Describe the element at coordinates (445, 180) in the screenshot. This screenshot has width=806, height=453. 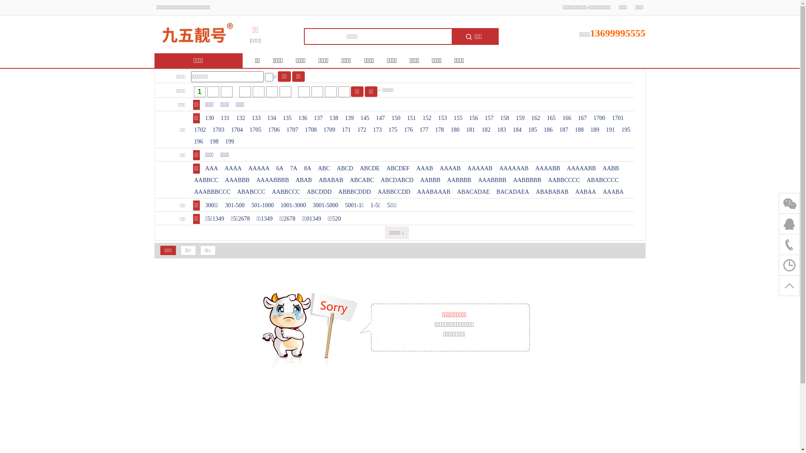
I see `'AABBBB'` at that location.